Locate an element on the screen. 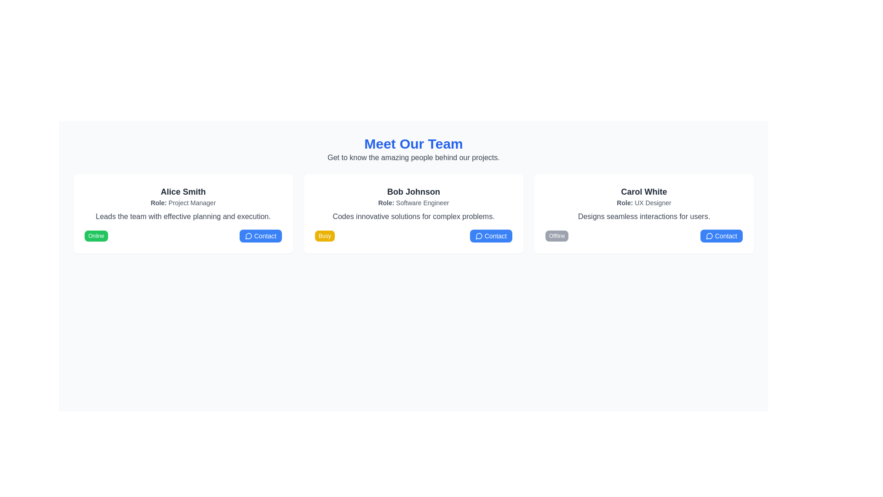 The image size is (883, 497). the text label indicating the designation context for 'UX Designer' located under 'Carol White' in the rightmost card of the layout is located at coordinates (625, 202).